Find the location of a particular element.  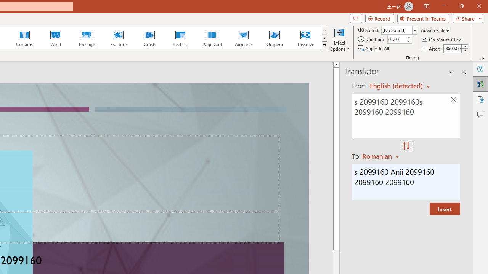

'Sound' is located at coordinates (399, 30).